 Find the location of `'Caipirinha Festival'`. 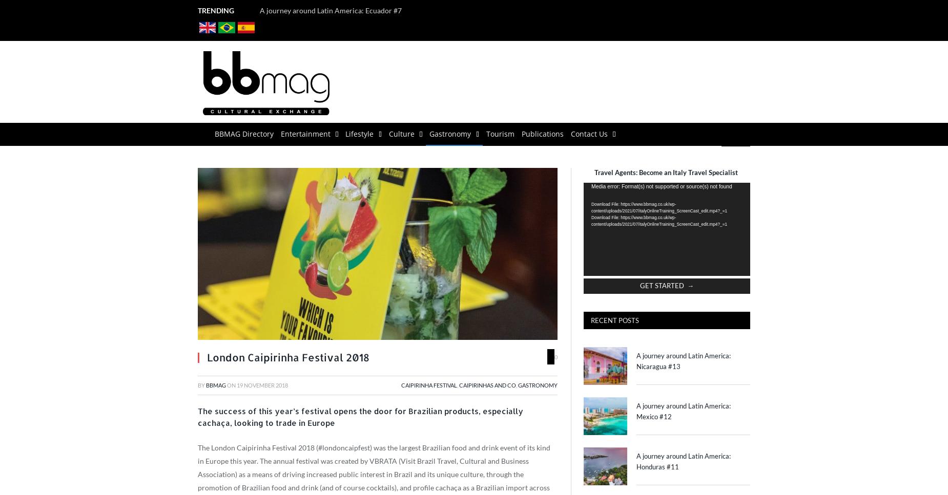

'Caipirinha Festival' is located at coordinates (429, 384).